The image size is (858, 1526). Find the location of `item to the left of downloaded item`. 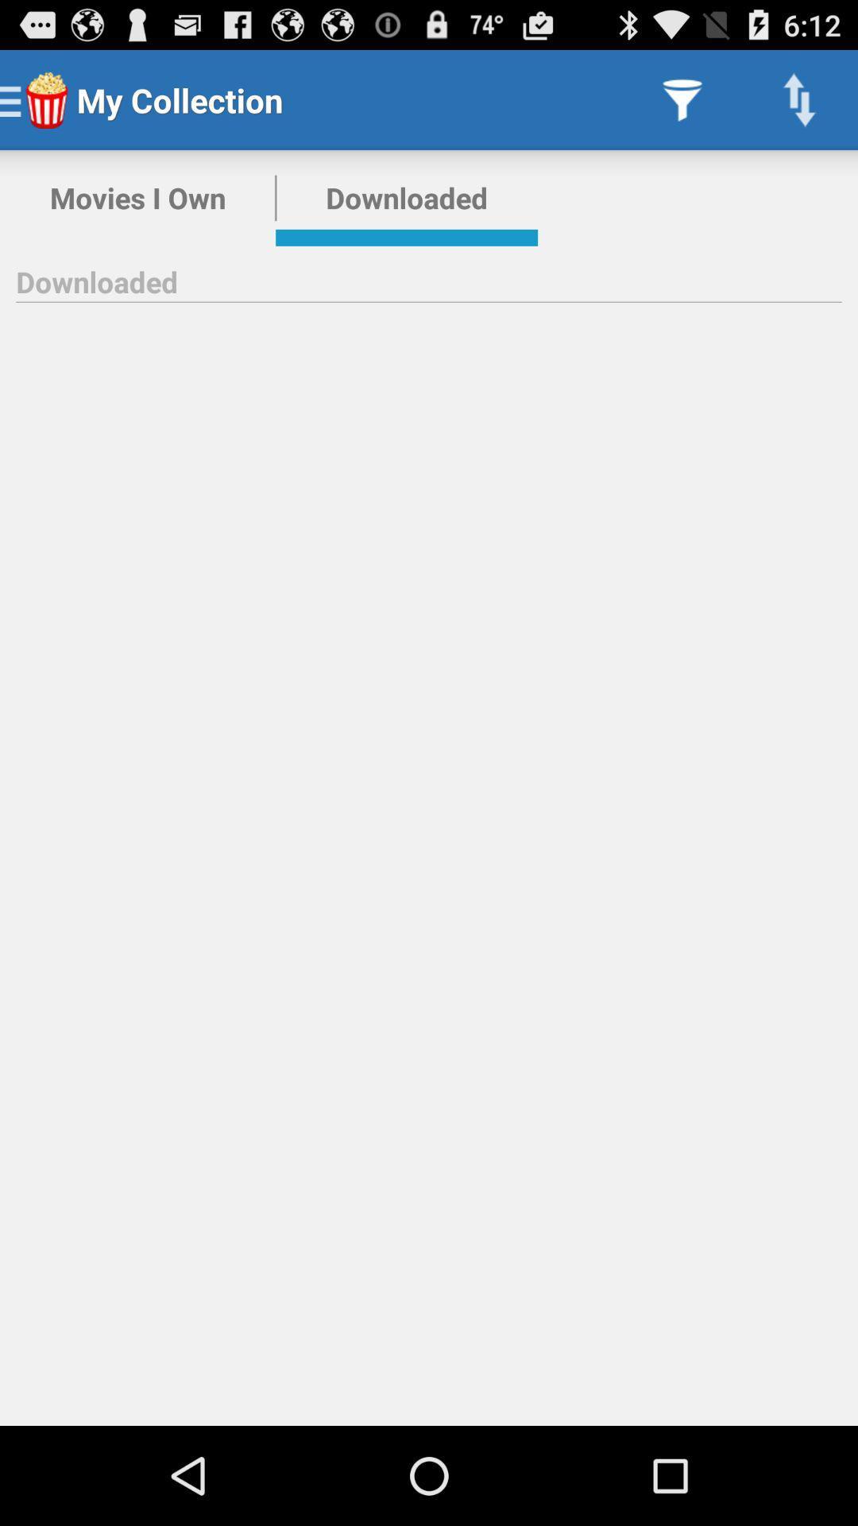

item to the left of downloaded item is located at coordinates (137, 197).